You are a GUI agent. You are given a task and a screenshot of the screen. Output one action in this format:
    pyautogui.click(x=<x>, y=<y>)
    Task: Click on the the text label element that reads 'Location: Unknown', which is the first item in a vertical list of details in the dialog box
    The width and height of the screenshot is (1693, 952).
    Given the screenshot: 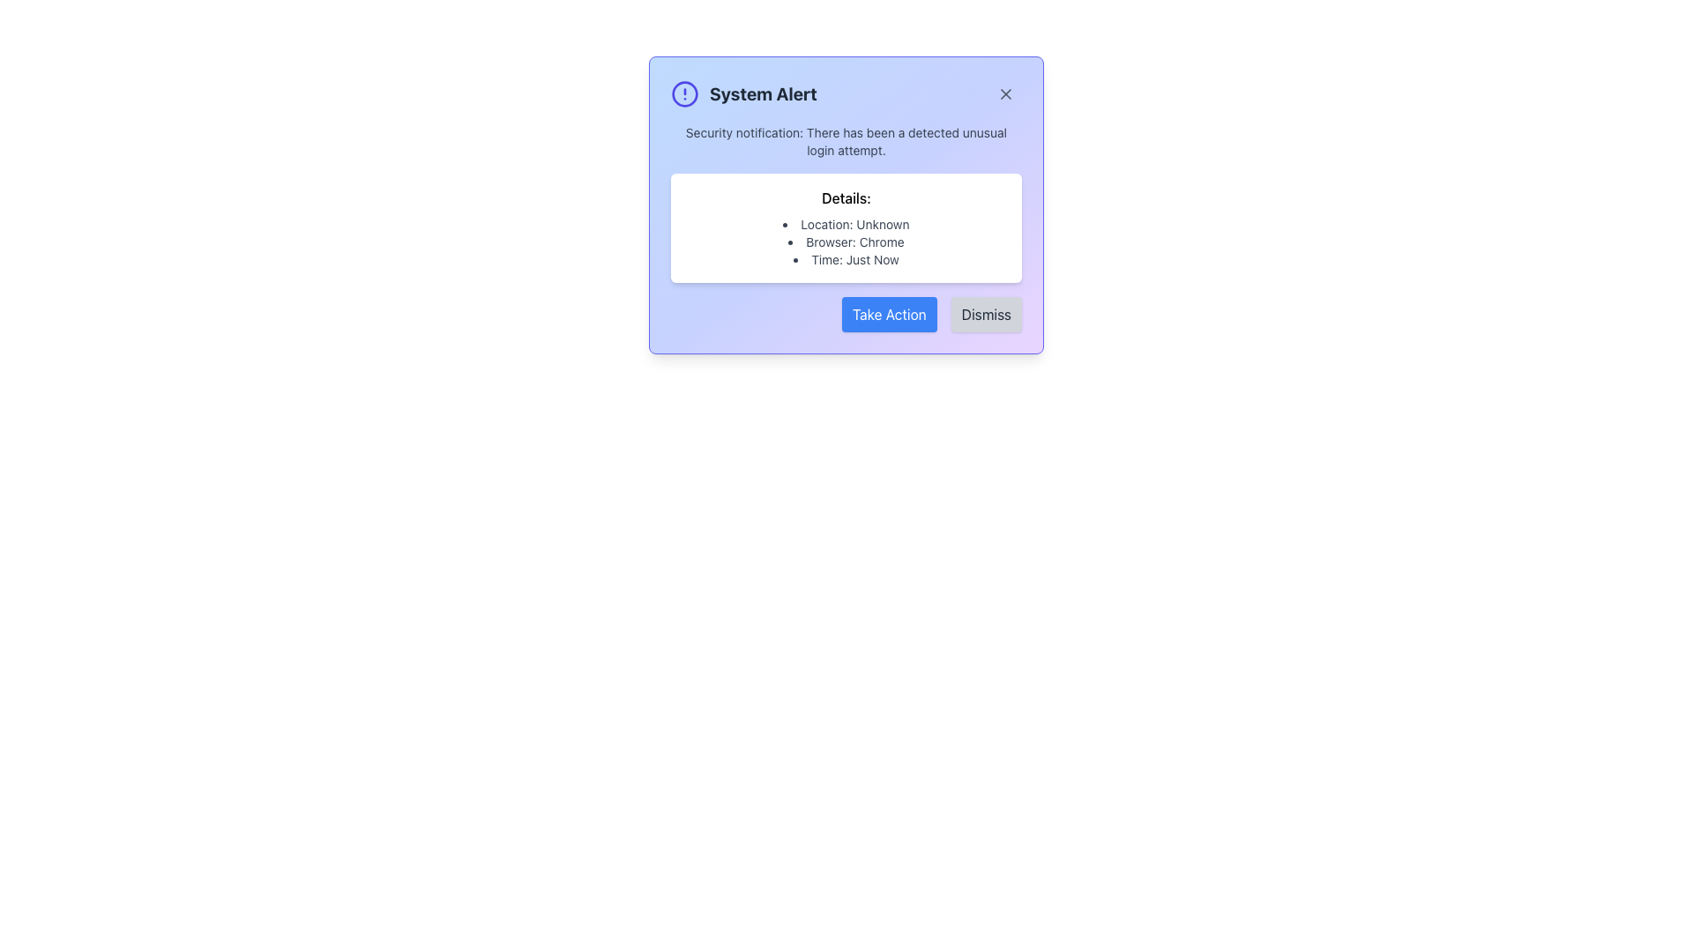 What is the action you would take?
    pyautogui.click(x=846, y=223)
    